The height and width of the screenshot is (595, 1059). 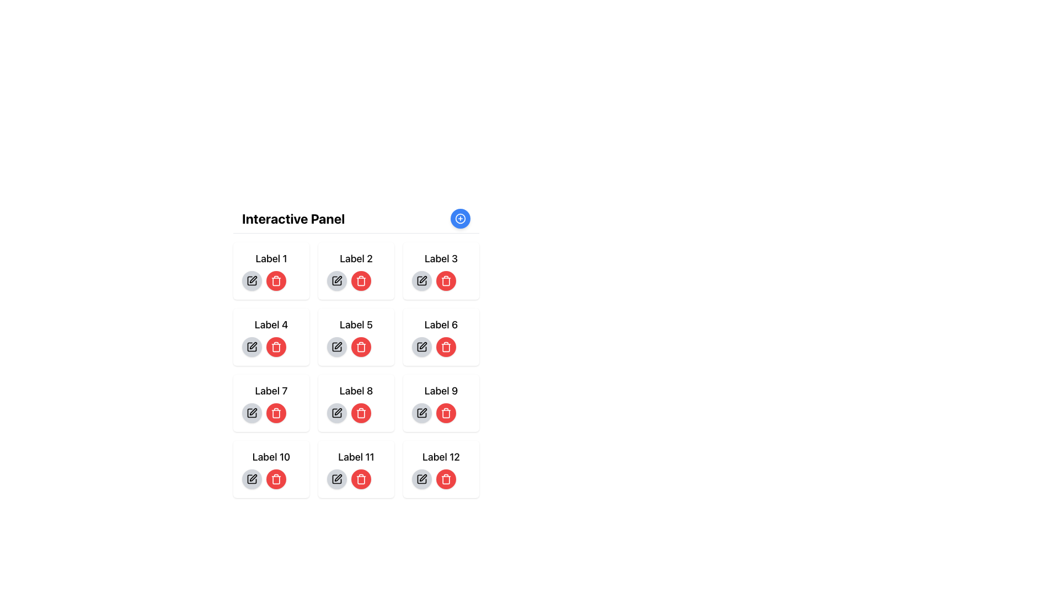 What do you see at coordinates (446, 414) in the screenshot?
I see `the trash can icon located in the bottom-right corner of the 'Label 8' panel` at bounding box center [446, 414].